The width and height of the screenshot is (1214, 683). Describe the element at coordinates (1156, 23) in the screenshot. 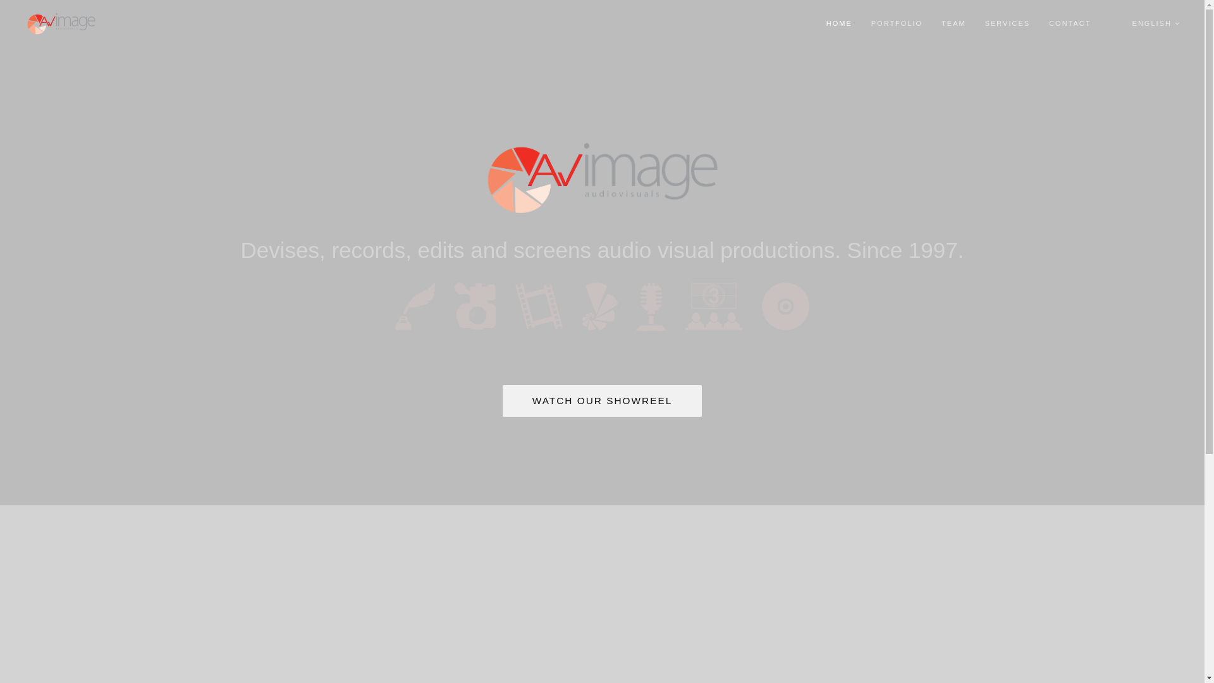

I see `'ENGLISH'` at that location.